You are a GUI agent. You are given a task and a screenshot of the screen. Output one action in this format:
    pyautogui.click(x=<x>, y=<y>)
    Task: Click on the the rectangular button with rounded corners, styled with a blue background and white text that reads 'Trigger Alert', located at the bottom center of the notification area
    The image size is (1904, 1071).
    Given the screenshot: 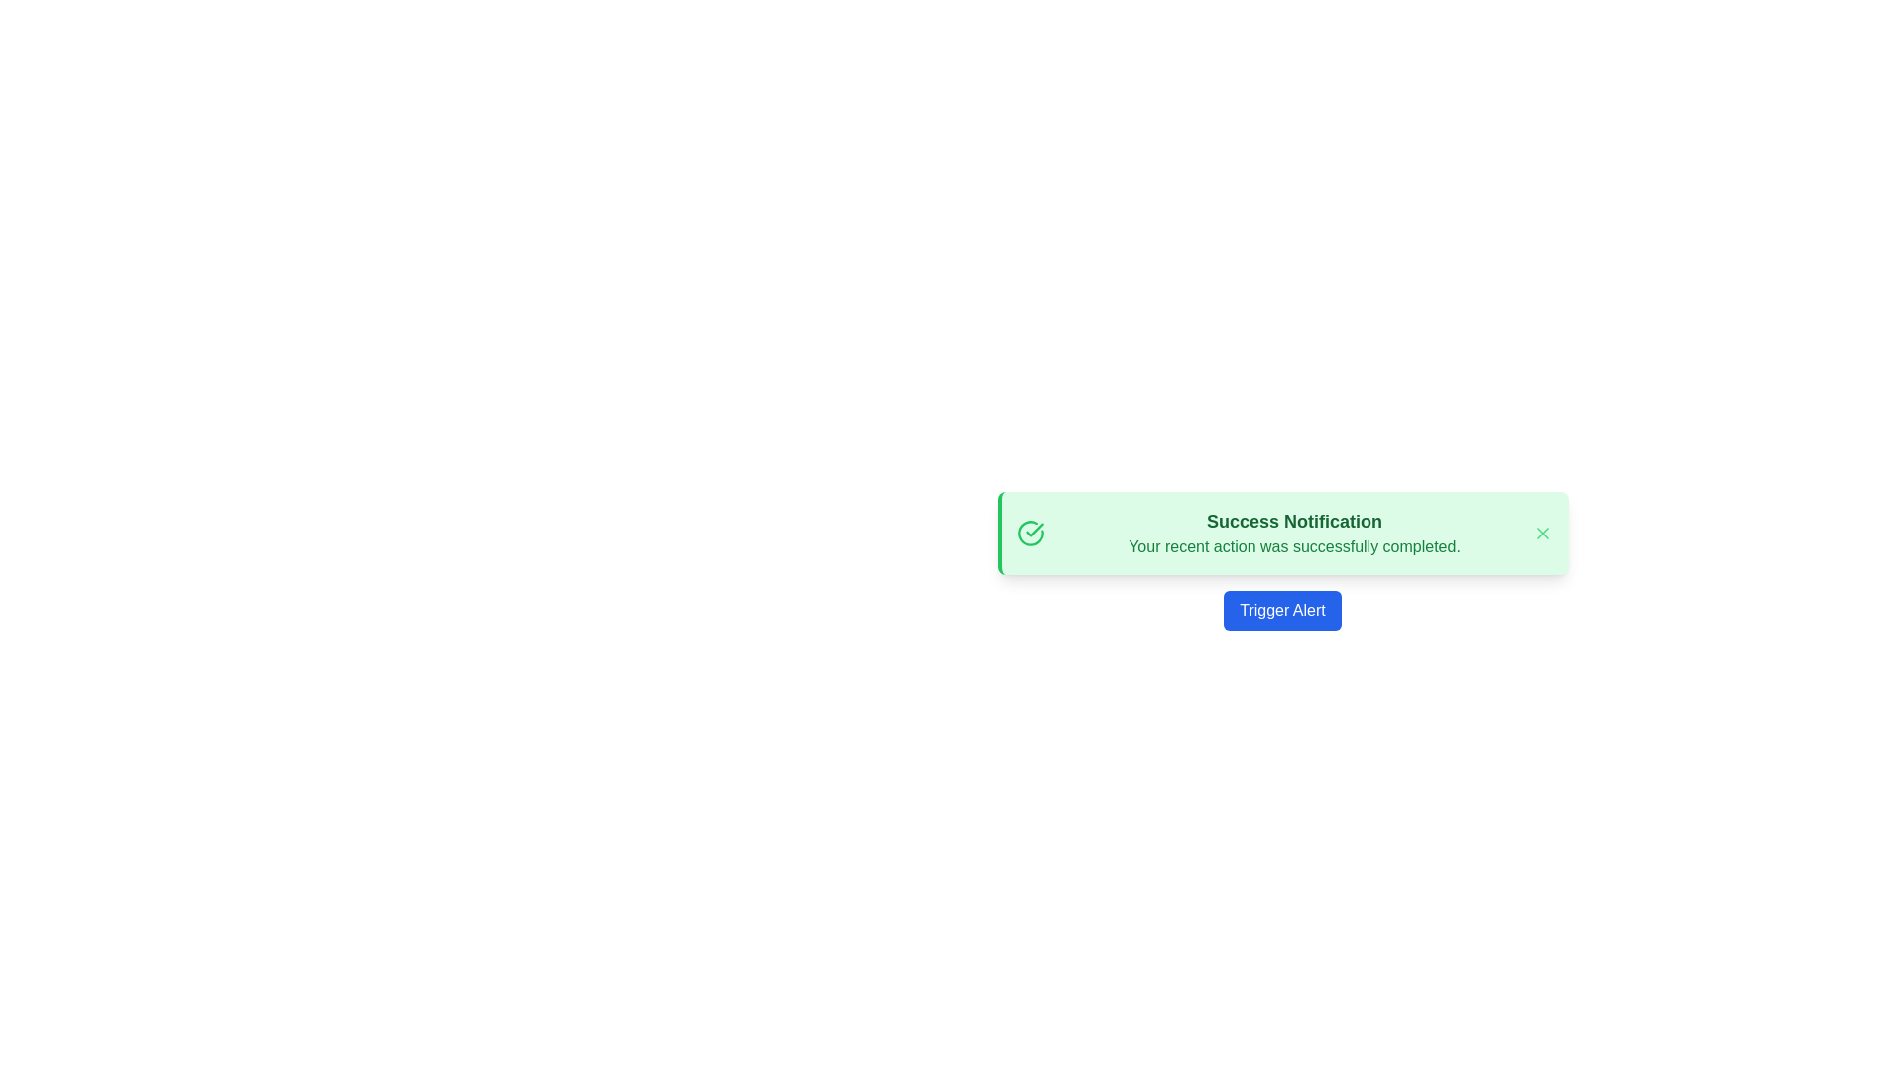 What is the action you would take?
    pyautogui.click(x=1282, y=610)
    